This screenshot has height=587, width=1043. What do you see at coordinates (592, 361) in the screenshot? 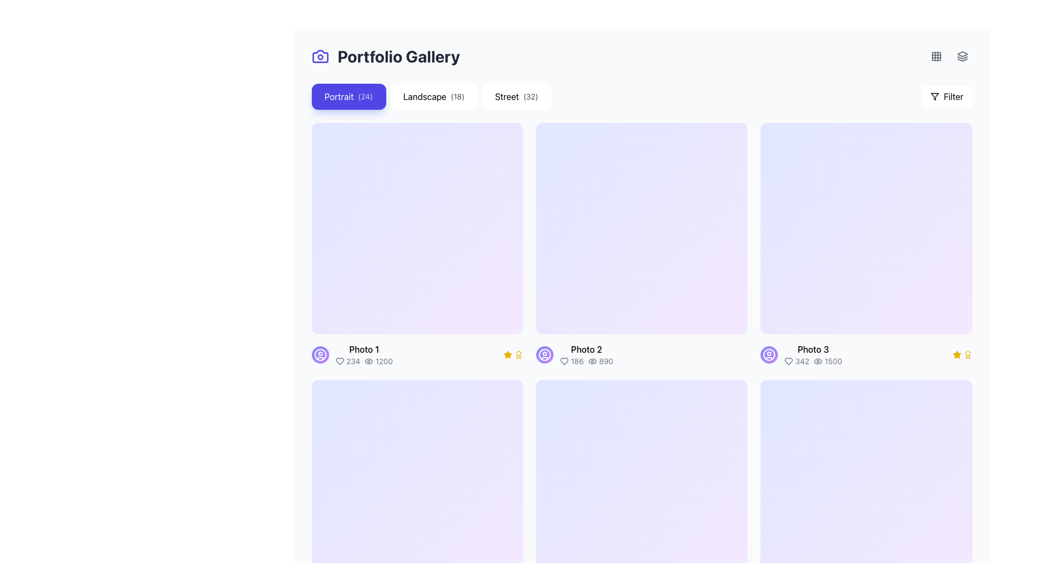
I see `the visibility icon, which is an elliptical shape resembling an eye, located to the right of the 'Photo 2' title and adjacent to a star icon` at bounding box center [592, 361].